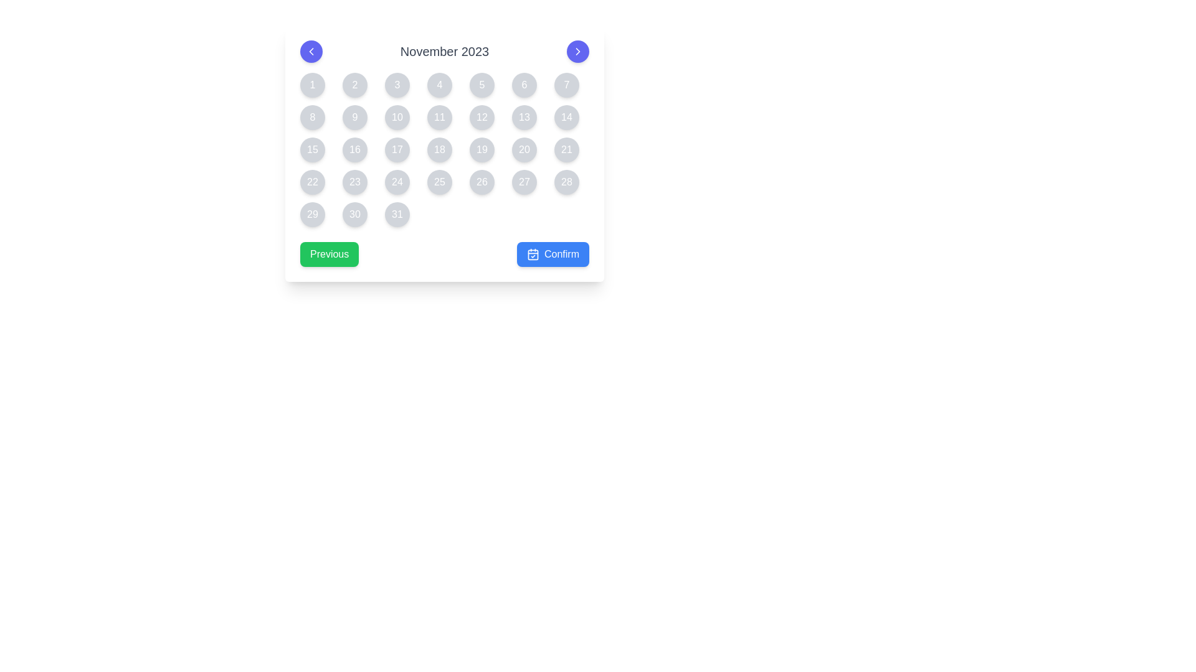  What do you see at coordinates (311, 51) in the screenshot?
I see `the navigational icon to move to the previous month in the calendar` at bounding box center [311, 51].